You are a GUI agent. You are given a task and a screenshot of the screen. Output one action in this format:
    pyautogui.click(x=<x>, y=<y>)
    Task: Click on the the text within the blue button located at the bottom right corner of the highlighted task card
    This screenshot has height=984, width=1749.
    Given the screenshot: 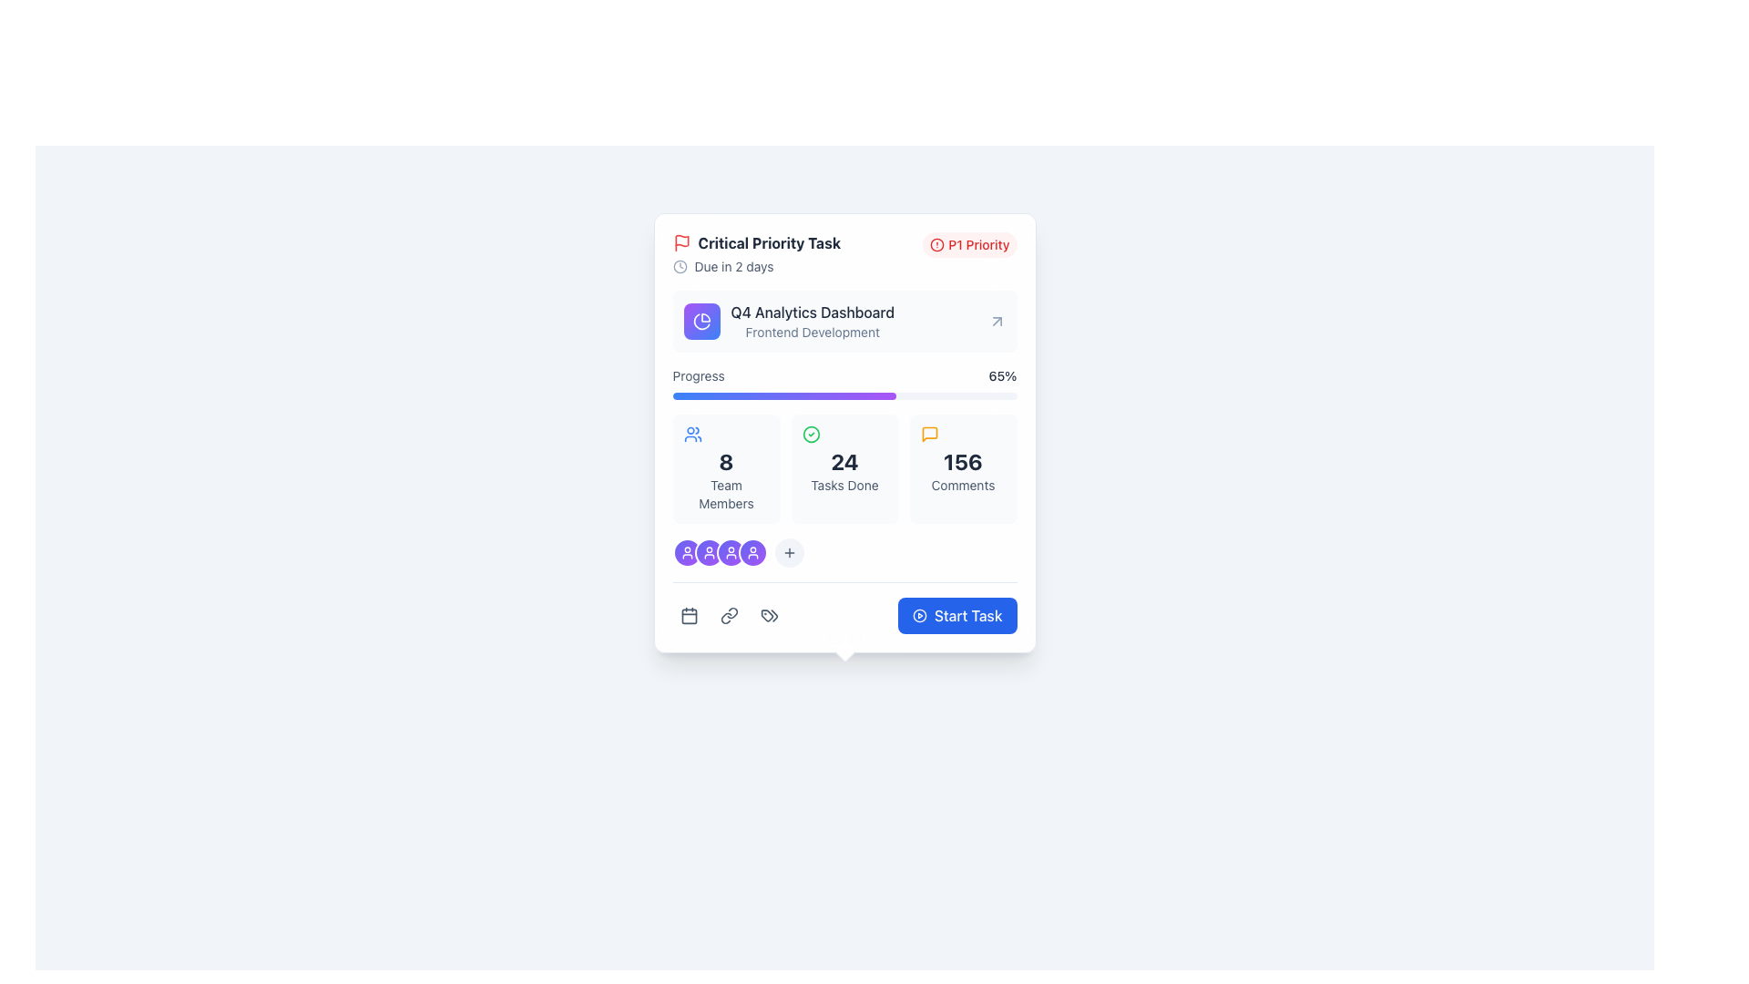 What is the action you would take?
    pyautogui.click(x=967, y=615)
    